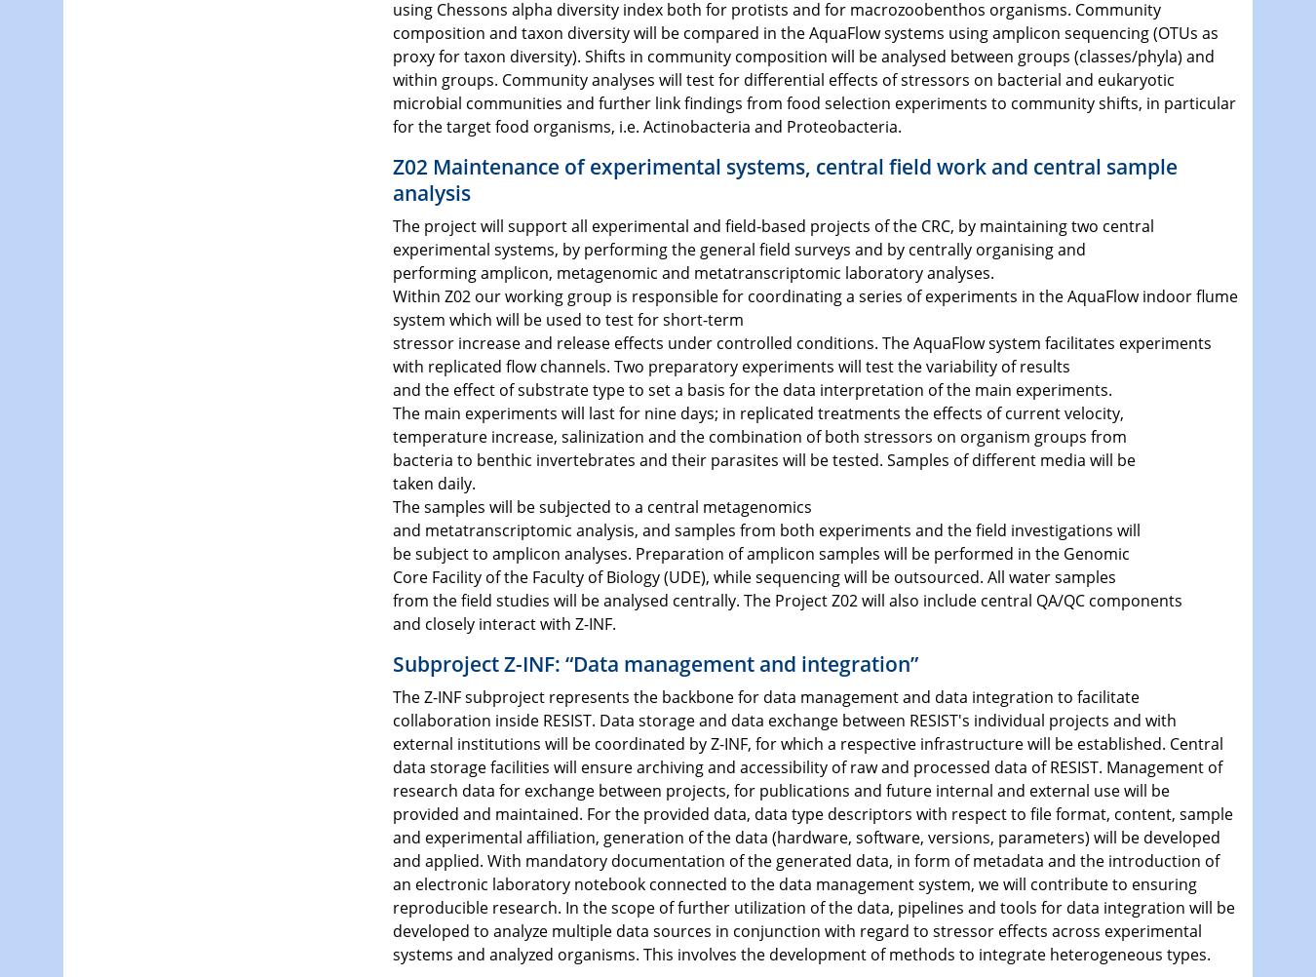 The image size is (1316, 977). Describe the element at coordinates (753, 574) in the screenshot. I see `'Core Facility of the Faculty of Biology (UDE), while sequencing will be outsourced. All water samples'` at that location.